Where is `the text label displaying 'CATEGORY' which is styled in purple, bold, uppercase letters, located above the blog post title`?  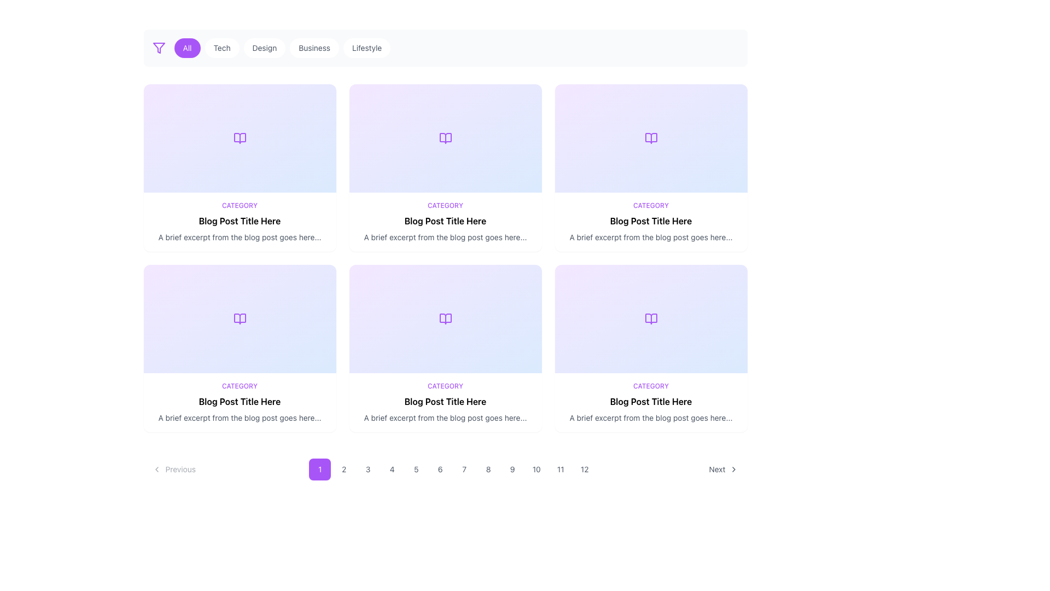 the text label displaying 'CATEGORY' which is styled in purple, bold, uppercase letters, located above the blog post title is located at coordinates (445, 385).